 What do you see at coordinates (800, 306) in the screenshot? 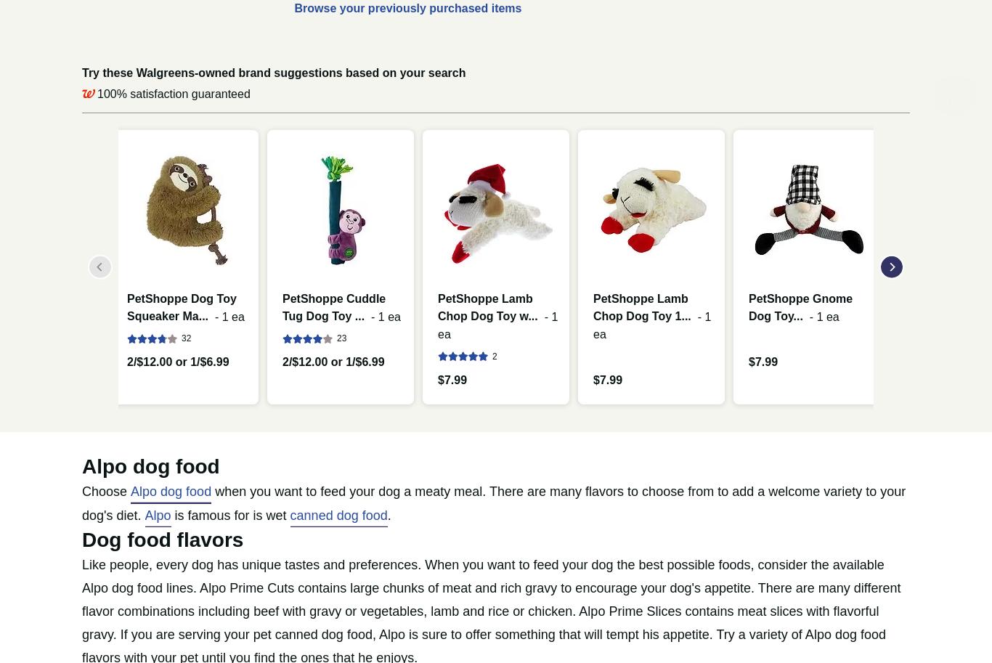
I see `'PetShoppe Gnome Dog Toy...'` at bounding box center [800, 306].